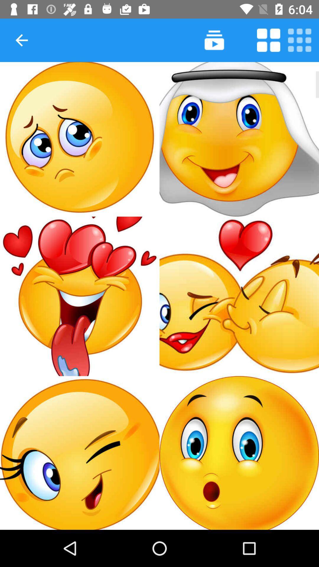 The width and height of the screenshot is (319, 567). What do you see at coordinates (239, 296) in the screenshot?
I see `kissing emoji` at bounding box center [239, 296].